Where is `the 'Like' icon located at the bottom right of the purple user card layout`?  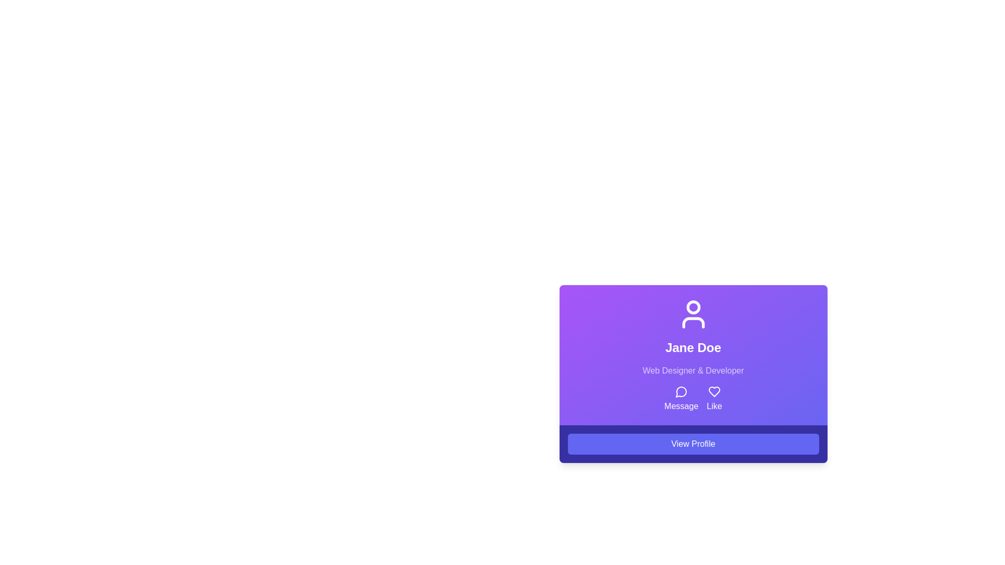
the 'Like' icon located at the bottom right of the purple user card layout is located at coordinates (713, 391).